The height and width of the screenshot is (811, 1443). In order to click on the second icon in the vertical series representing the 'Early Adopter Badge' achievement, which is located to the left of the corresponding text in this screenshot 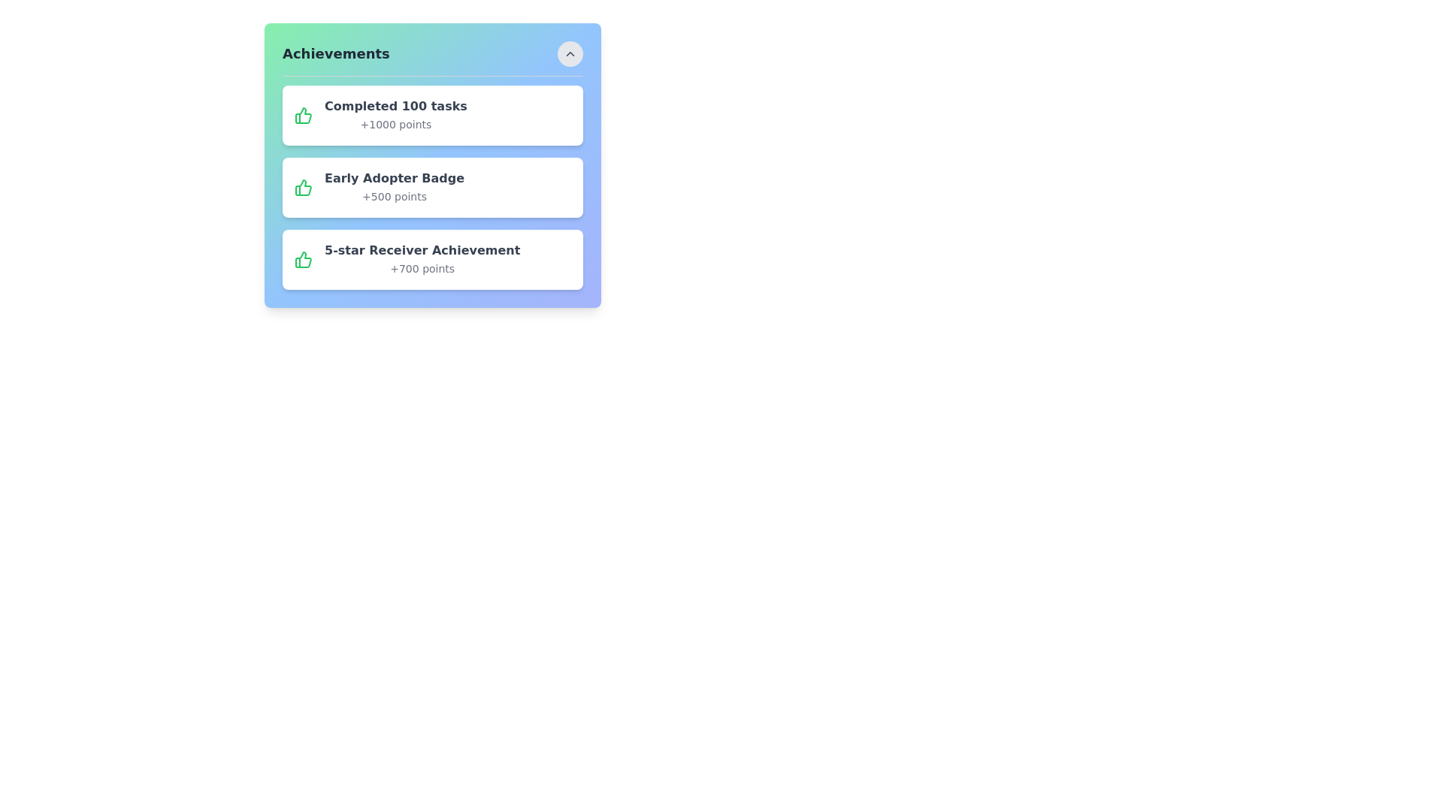, I will do `click(302, 115)`.